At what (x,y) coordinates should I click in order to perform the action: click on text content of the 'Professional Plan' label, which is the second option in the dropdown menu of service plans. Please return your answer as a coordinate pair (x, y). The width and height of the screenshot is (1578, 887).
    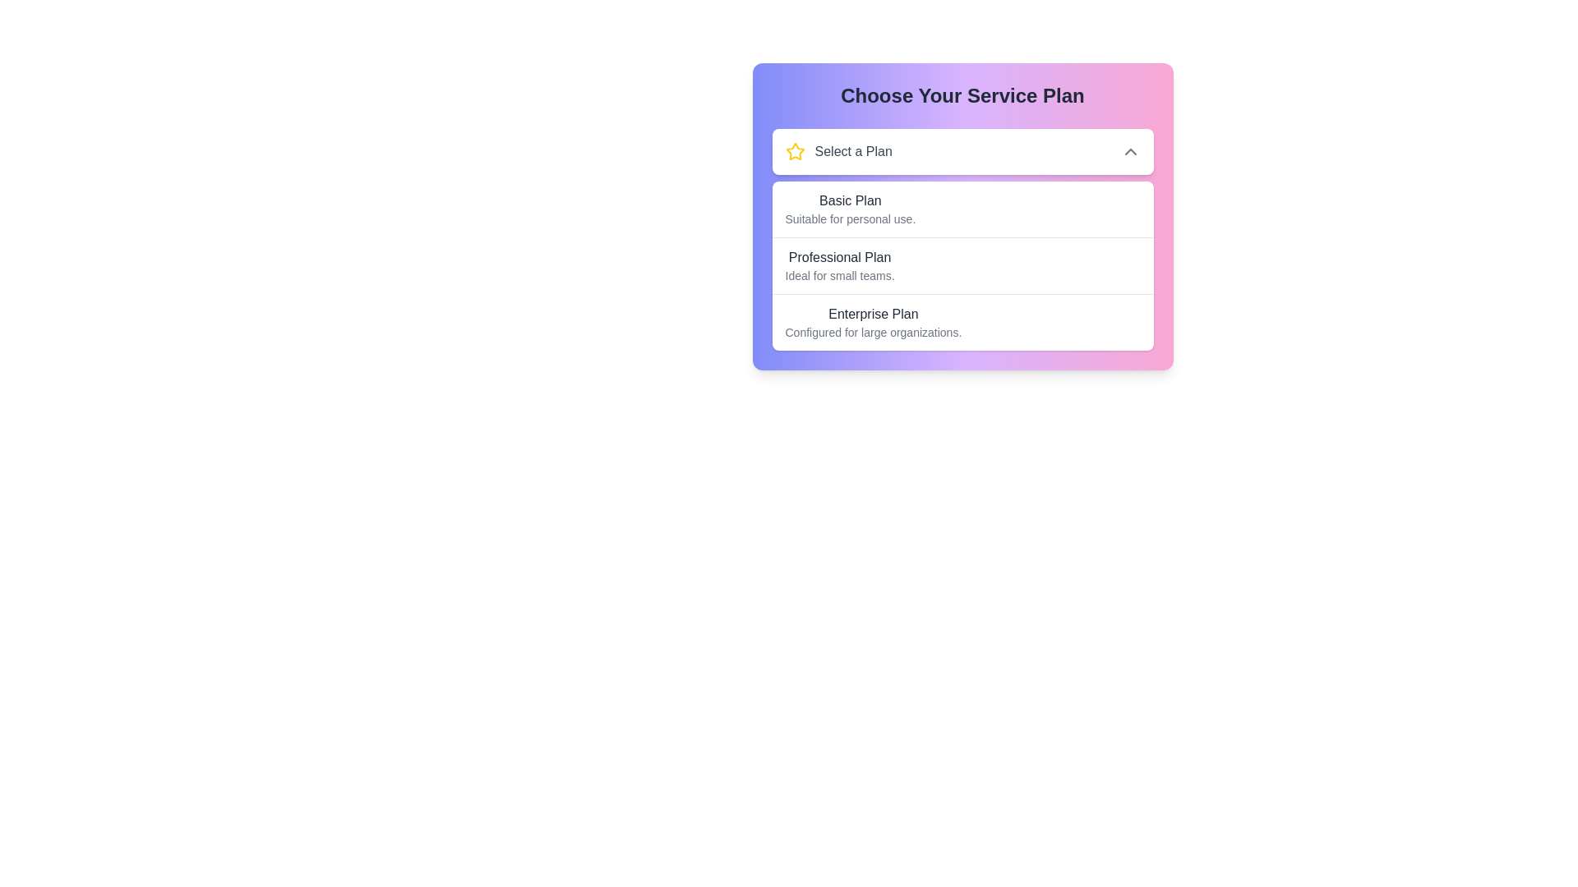
    Looking at the image, I should click on (840, 257).